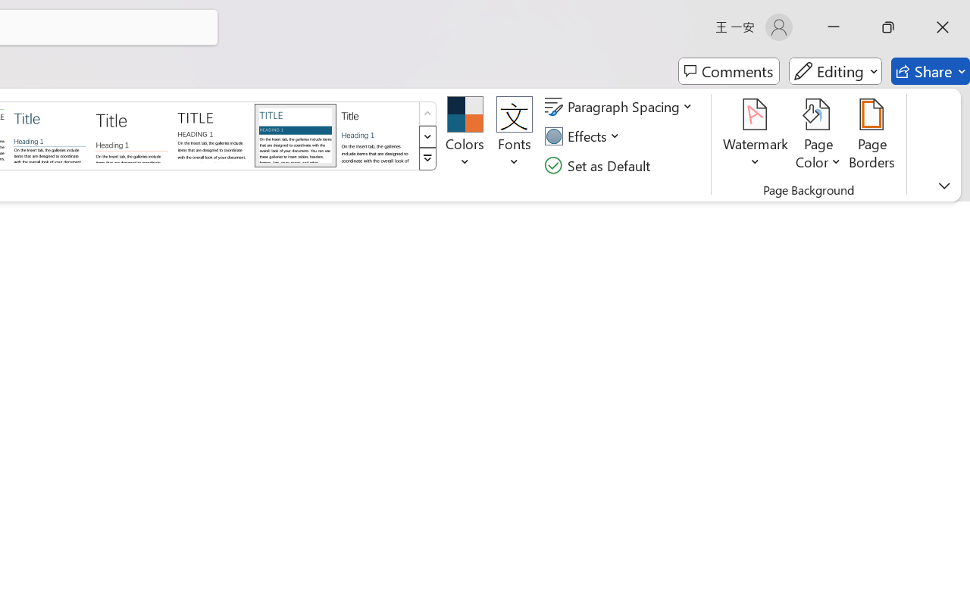 The height and width of the screenshot is (606, 970). What do you see at coordinates (621, 107) in the screenshot?
I see `'Paragraph Spacing'` at bounding box center [621, 107].